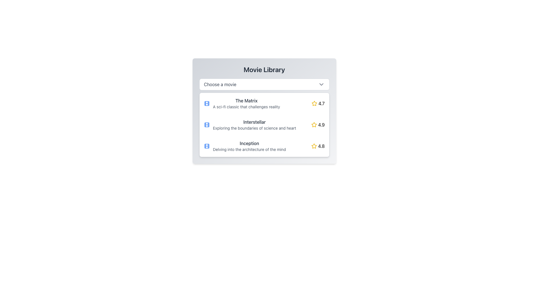 The width and height of the screenshot is (539, 303). What do you see at coordinates (314, 124) in the screenshot?
I see `the star icon representing the rating for the movie 'Interstellar', which is located to the left of the number '4.9' in the rating section` at bounding box center [314, 124].